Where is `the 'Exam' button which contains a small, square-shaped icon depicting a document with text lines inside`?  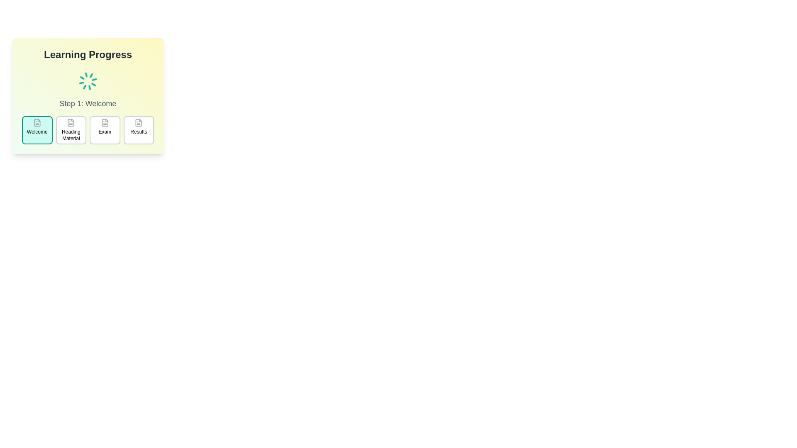 the 'Exam' button which contains a small, square-shaped icon depicting a document with text lines inside is located at coordinates (104, 123).